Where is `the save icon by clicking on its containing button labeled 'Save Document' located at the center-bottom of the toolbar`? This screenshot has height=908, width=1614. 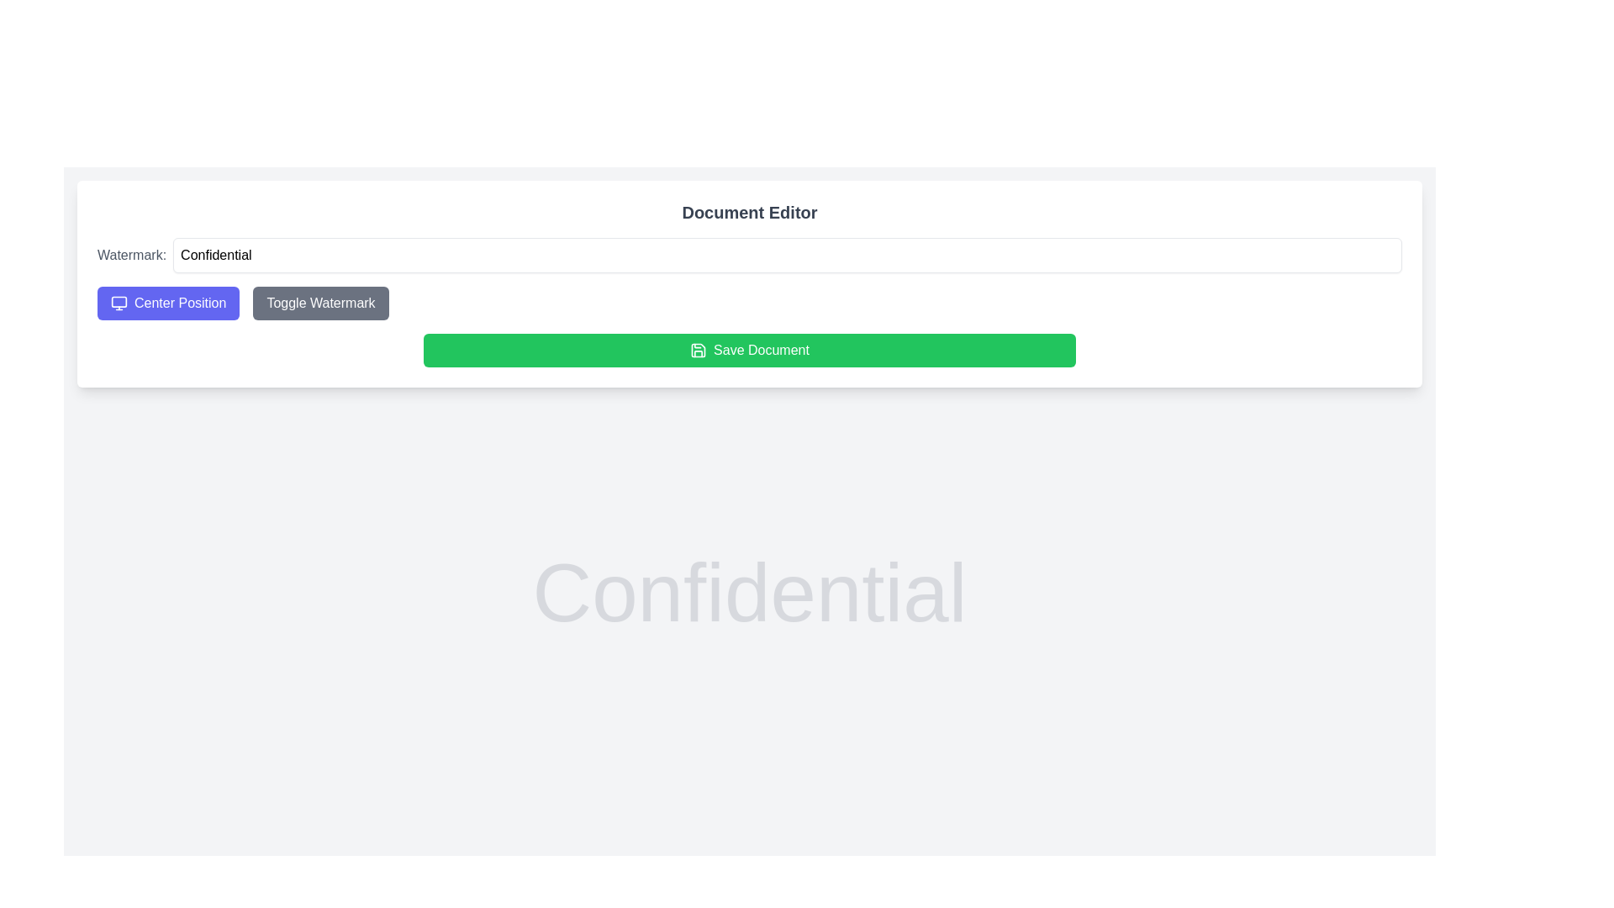 the save icon by clicking on its containing button labeled 'Save Document' located at the center-bottom of the toolbar is located at coordinates (699, 349).